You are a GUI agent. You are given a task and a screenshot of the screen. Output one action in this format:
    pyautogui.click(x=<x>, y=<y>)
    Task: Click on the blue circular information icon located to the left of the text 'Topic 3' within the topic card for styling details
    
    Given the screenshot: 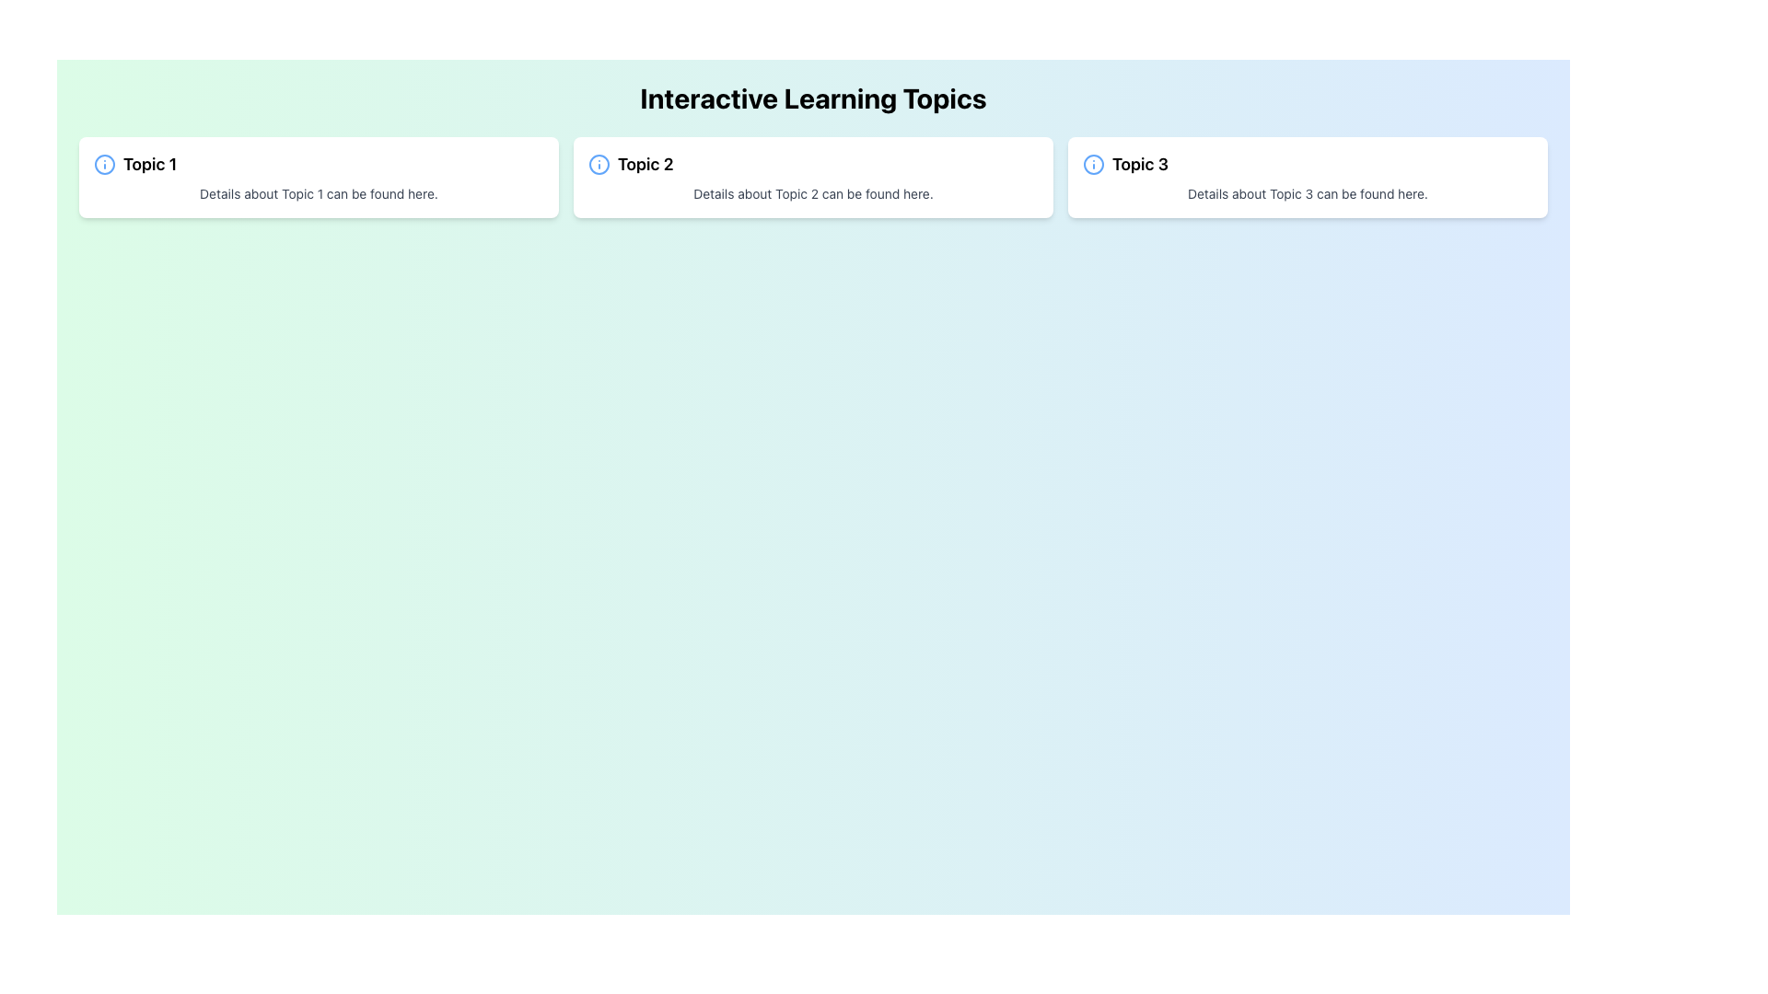 What is the action you would take?
    pyautogui.click(x=1094, y=163)
    